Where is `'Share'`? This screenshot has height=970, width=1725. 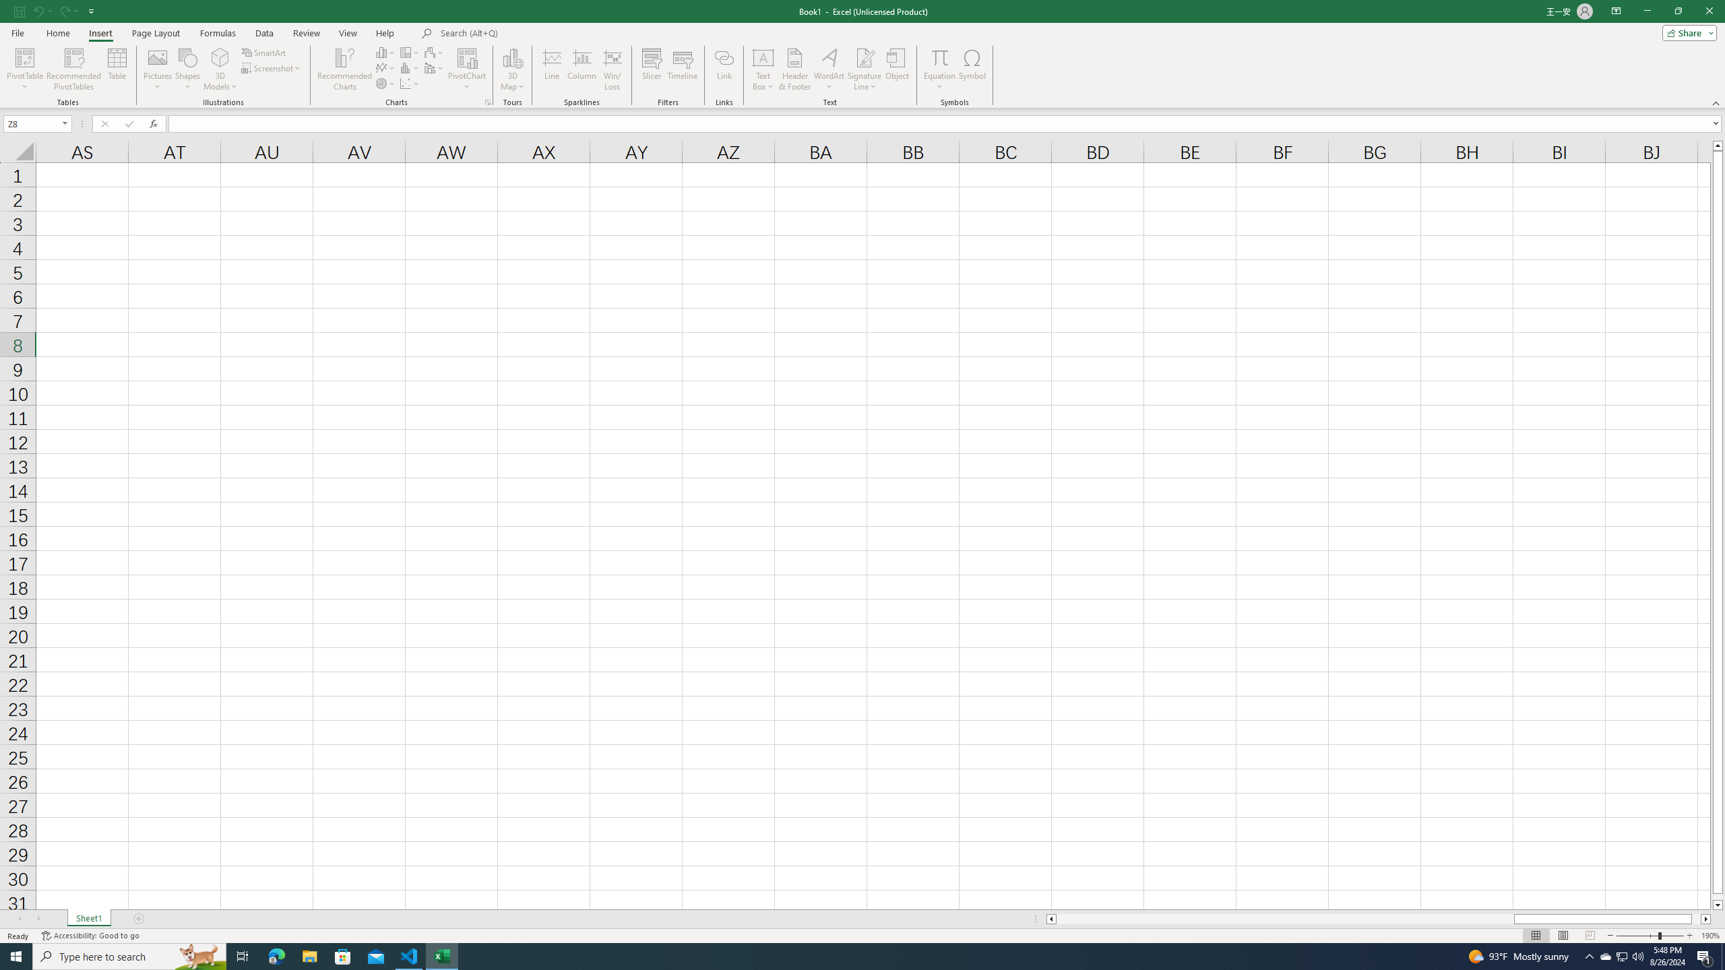 'Share' is located at coordinates (1686, 32).